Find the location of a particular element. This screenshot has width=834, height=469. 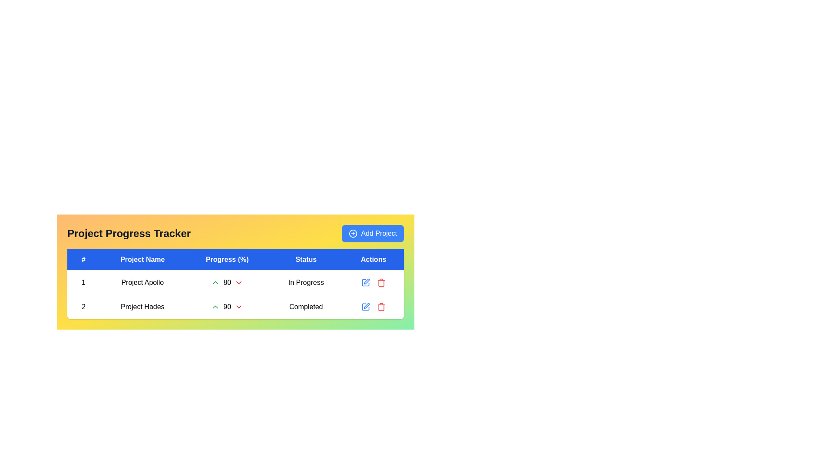

the upward chevron icon, which is green and located to the left of the text '80' in the 'Progress (%)' section of the table, to increment the progress value is located at coordinates (215, 283).